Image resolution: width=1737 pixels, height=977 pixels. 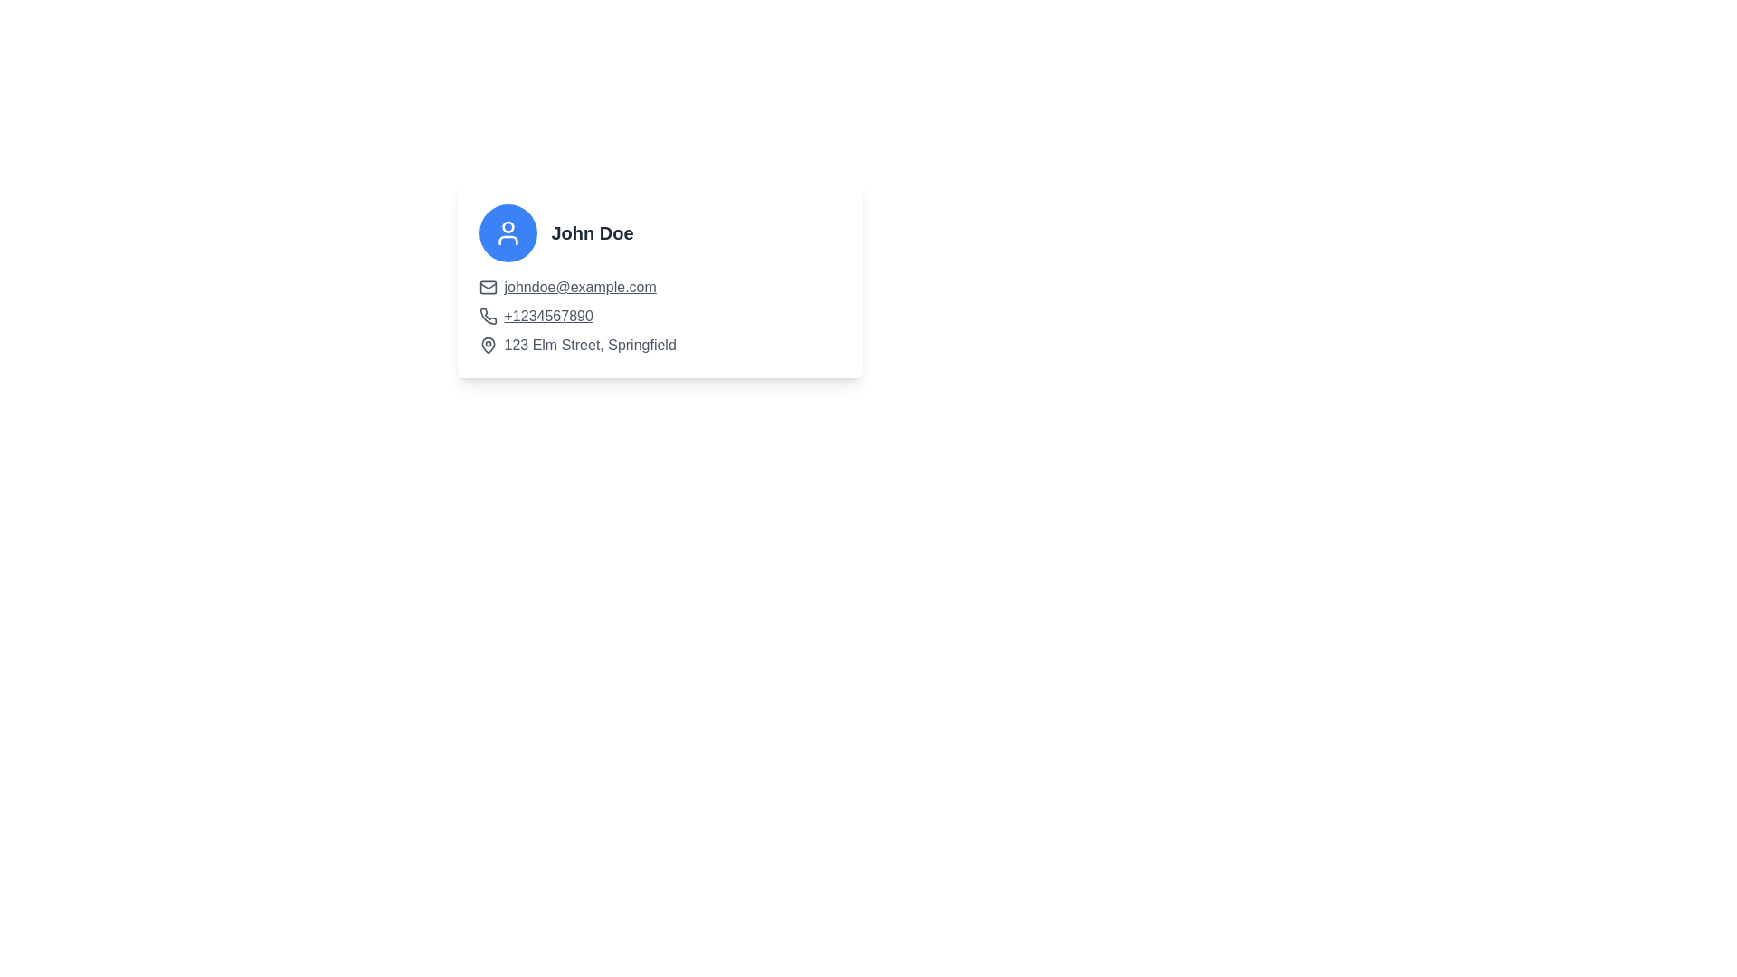 What do you see at coordinates (507, 232) in the screenshot?
I see `the circular blue button with a white user icon located at the top-left corner of the card layout` at bounding box center [507, 232].